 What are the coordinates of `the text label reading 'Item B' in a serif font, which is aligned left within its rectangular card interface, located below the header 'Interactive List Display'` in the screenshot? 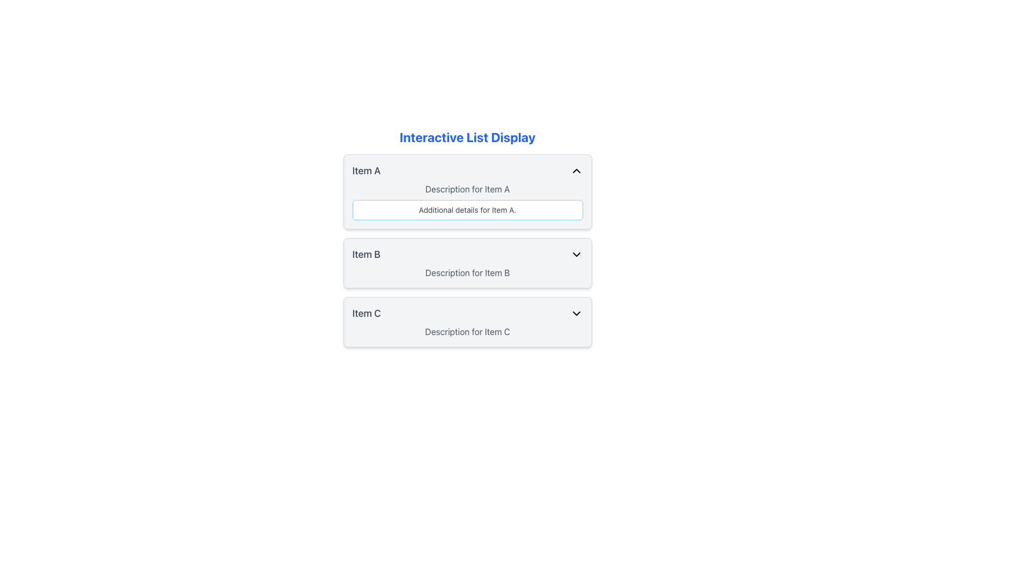 It's located at (366, 254).